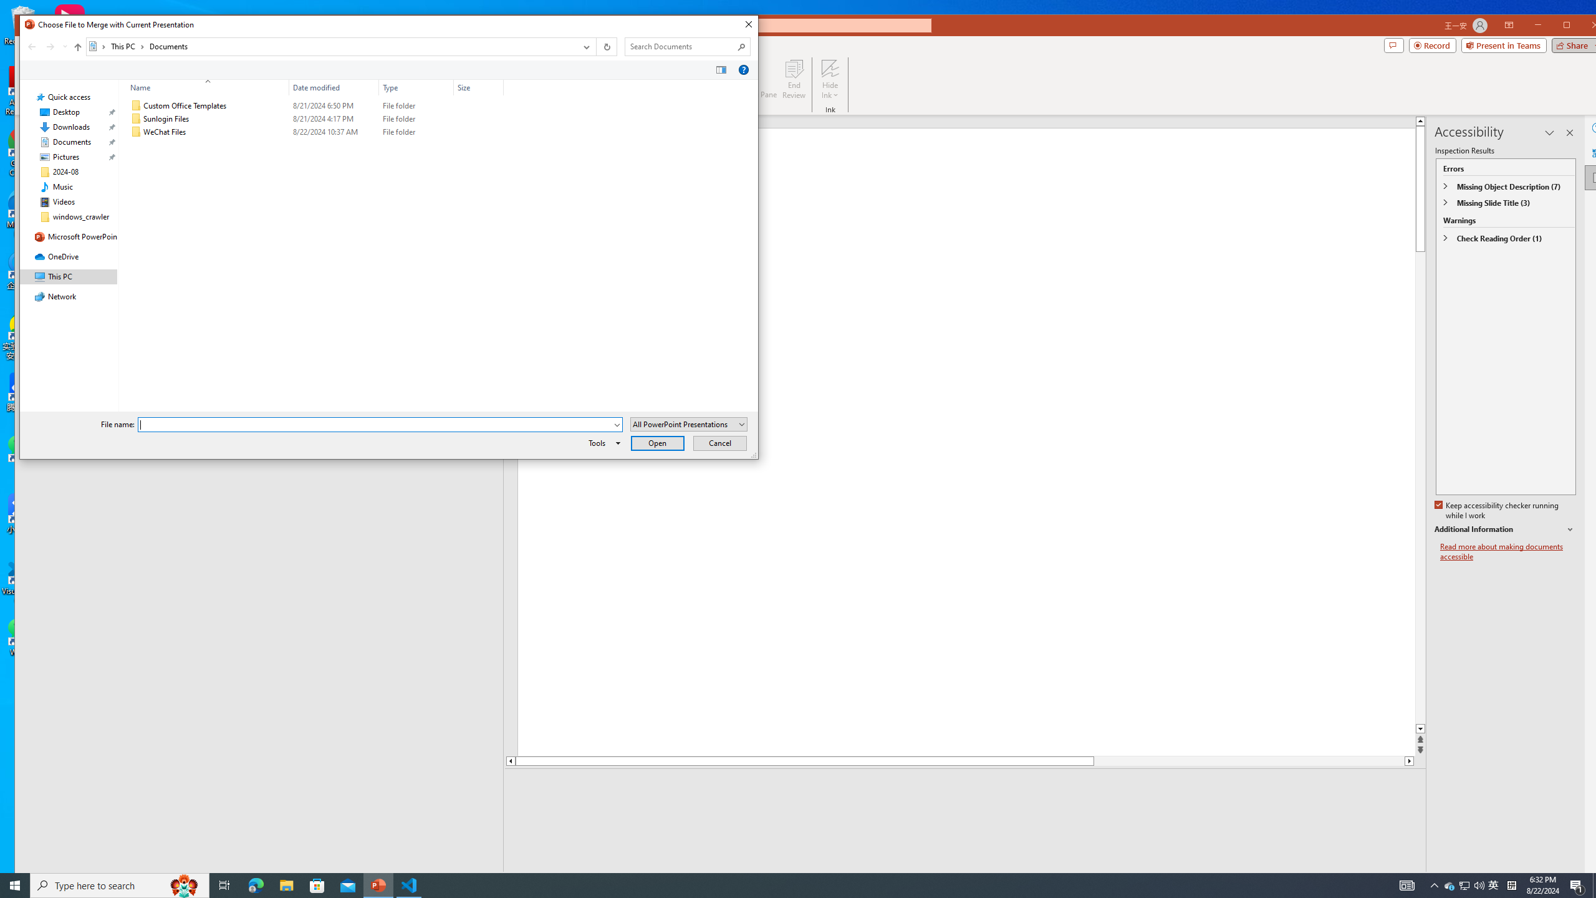 The height and width of the screenshot is (898, 1596). I want to click on 'PowerPoint - 1 running window', so click(378, 884).